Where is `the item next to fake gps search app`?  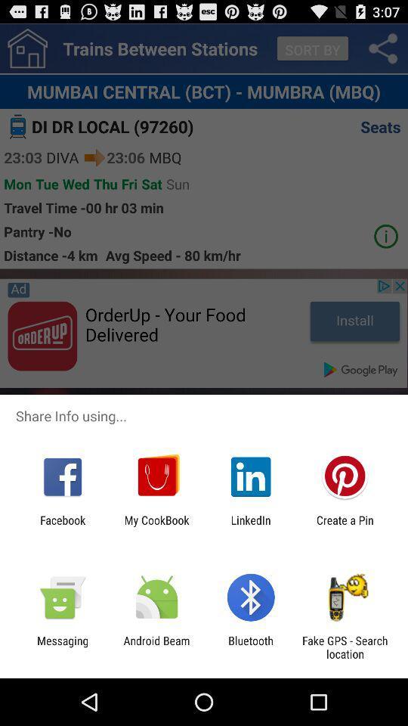 the item next to fake gps search app is located at coordinates (251, 647).